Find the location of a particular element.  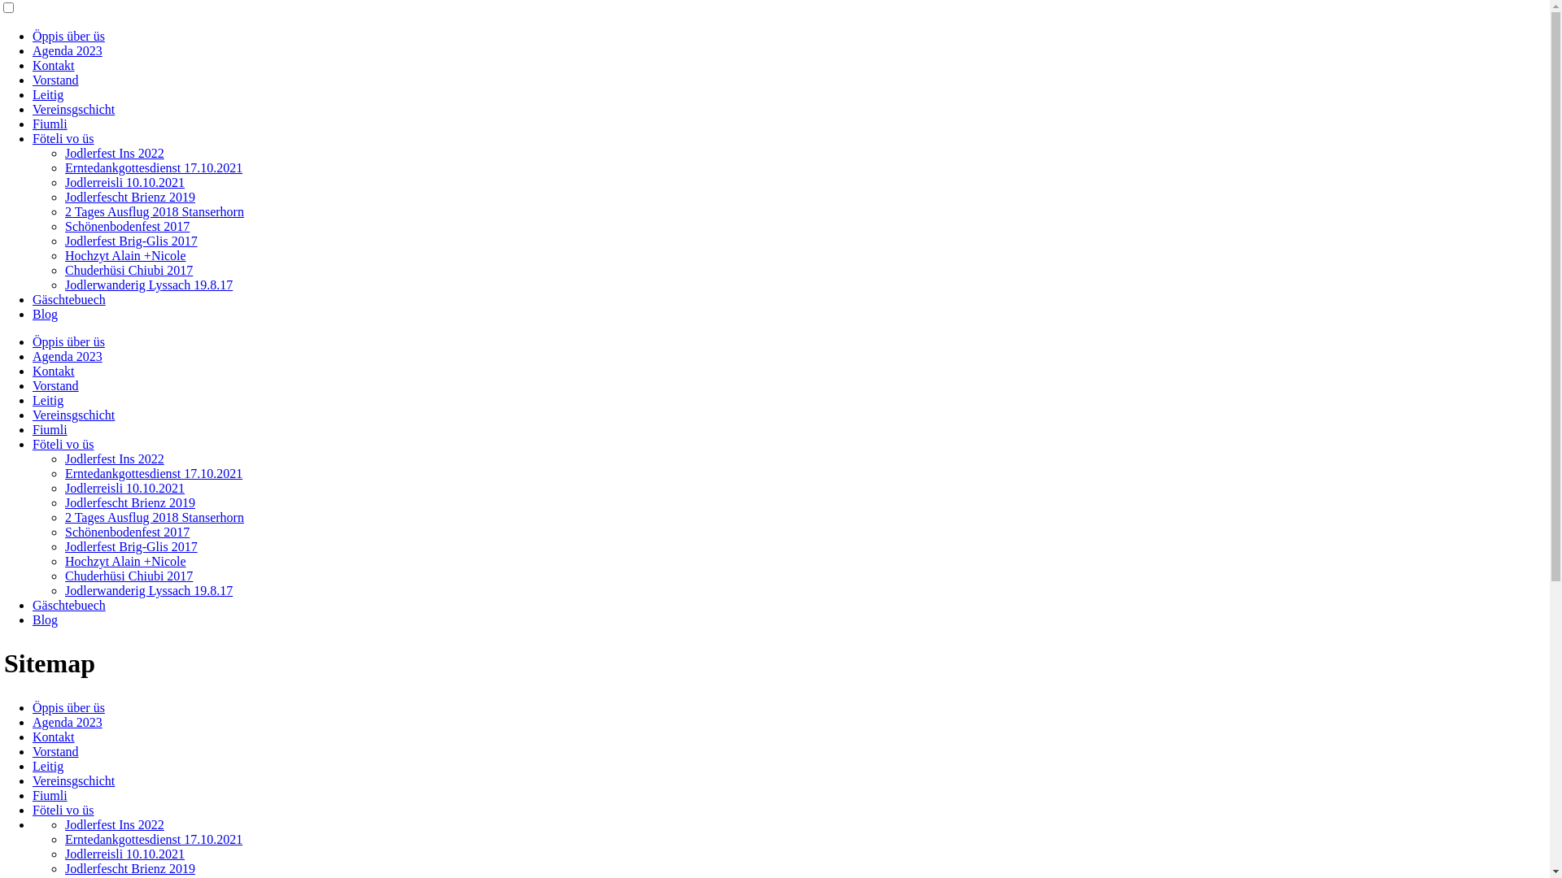

'Leitig' is located at coordinates (47, 94).